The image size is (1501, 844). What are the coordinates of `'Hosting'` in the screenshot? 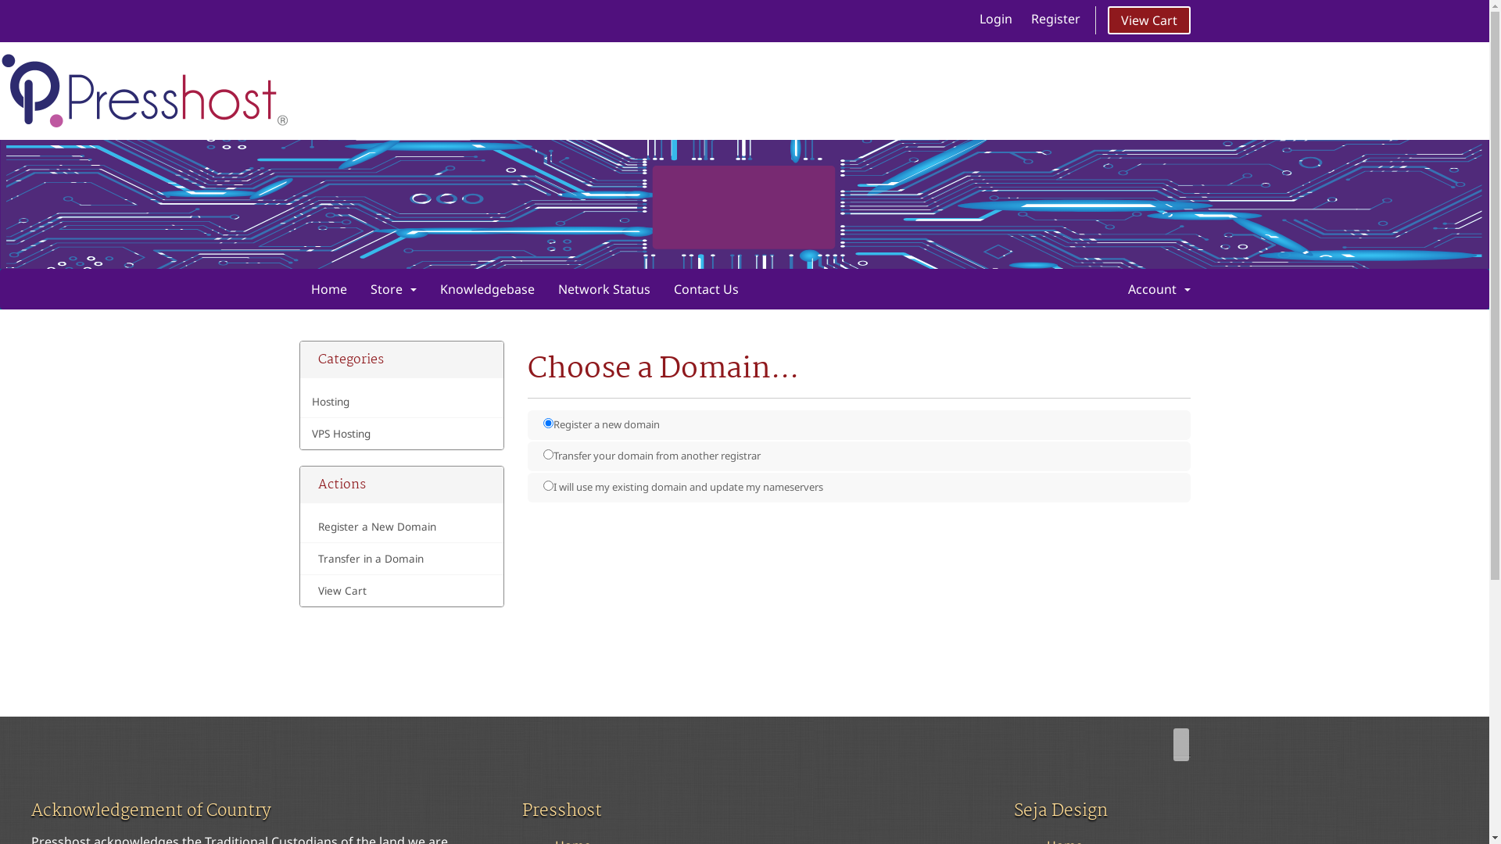 It's located at (402, 401).